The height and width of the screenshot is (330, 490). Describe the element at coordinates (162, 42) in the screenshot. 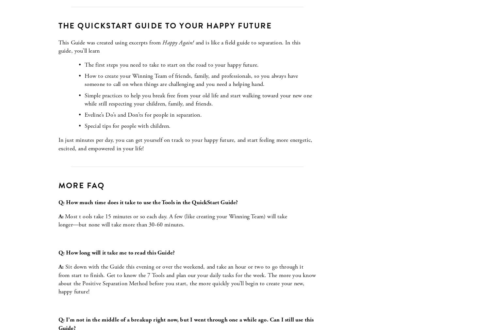

I see `'Happy Again!'` at that location.